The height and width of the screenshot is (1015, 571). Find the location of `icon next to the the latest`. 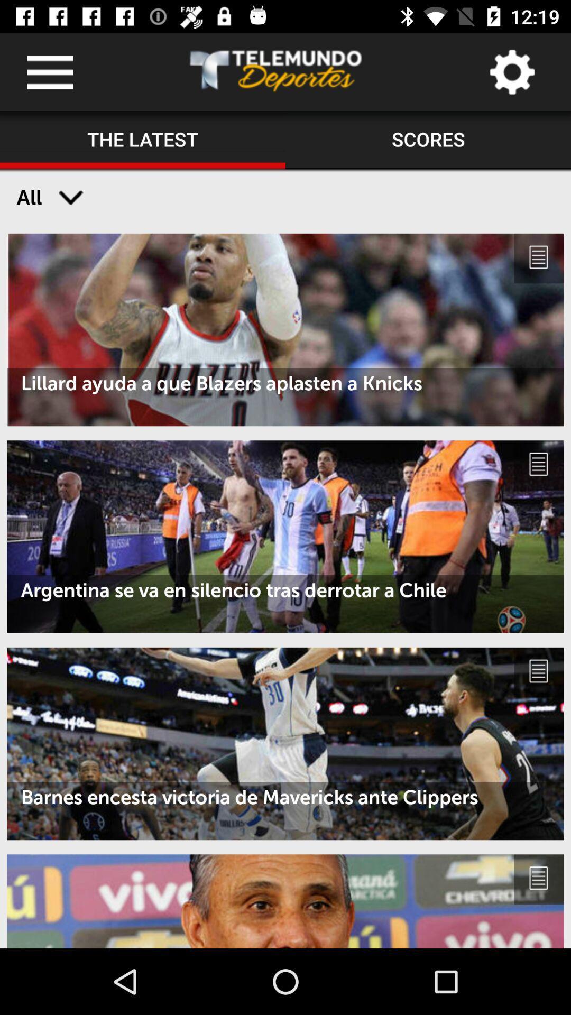

icon next to the the latest is located at coordinates (428, 140).